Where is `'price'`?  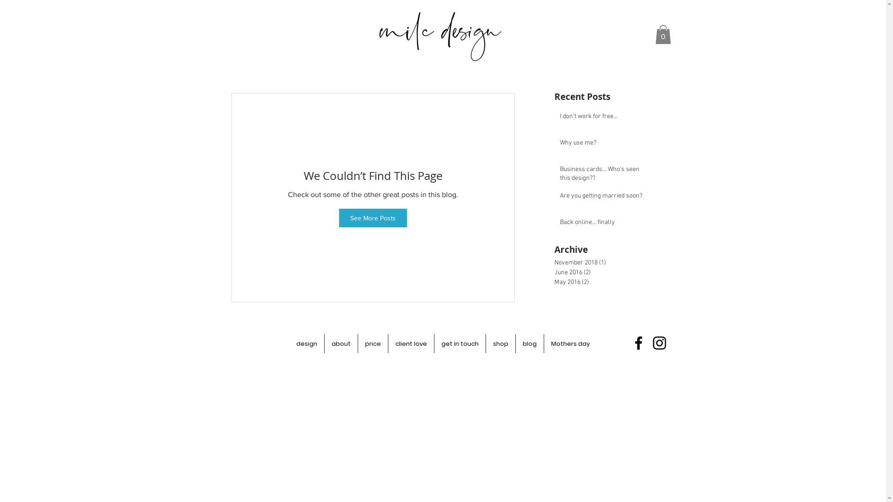
'price' is located at coordinates (373, 343).